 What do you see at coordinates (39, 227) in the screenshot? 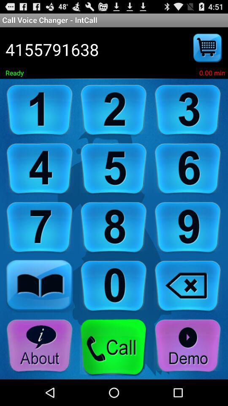
I see `keypad numbering` at bounding box center [39, 227].